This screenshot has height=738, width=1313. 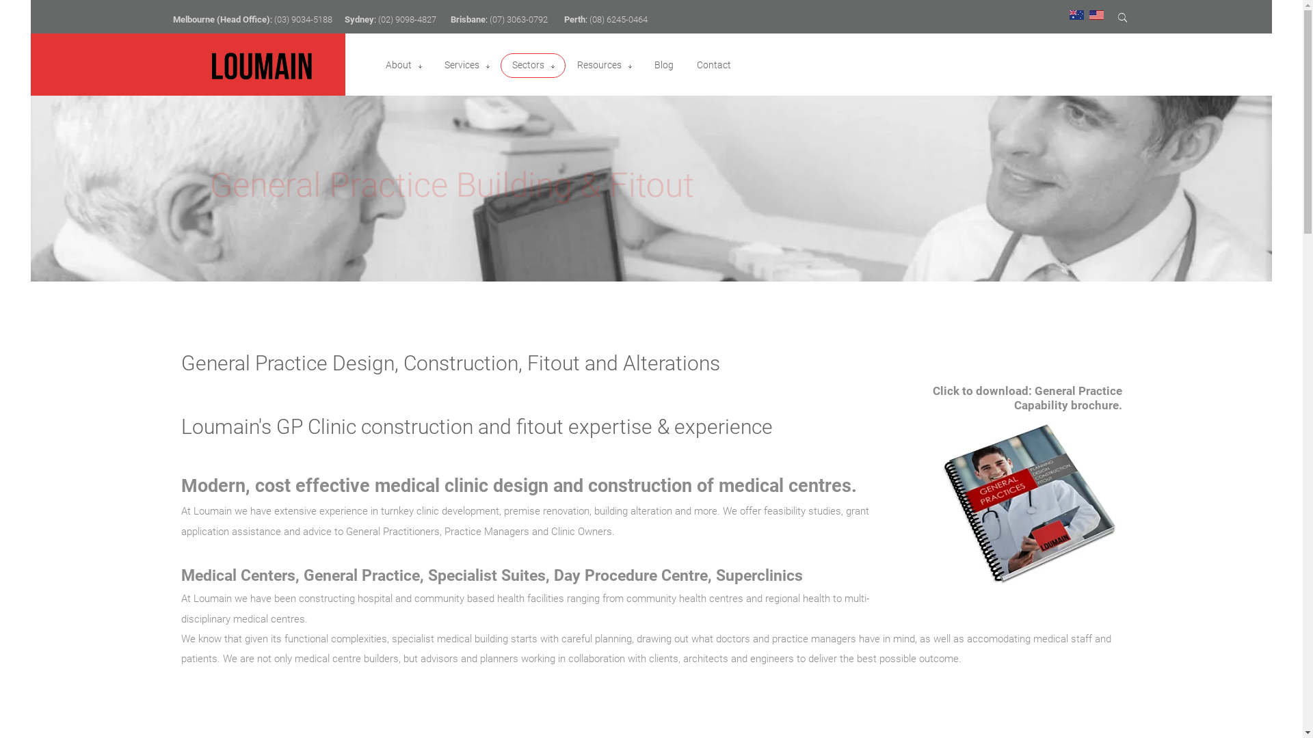 What do you see at coordinates (577, 65) in the screenshot?
I see `'Resources'` at bounding box center [577, 65].